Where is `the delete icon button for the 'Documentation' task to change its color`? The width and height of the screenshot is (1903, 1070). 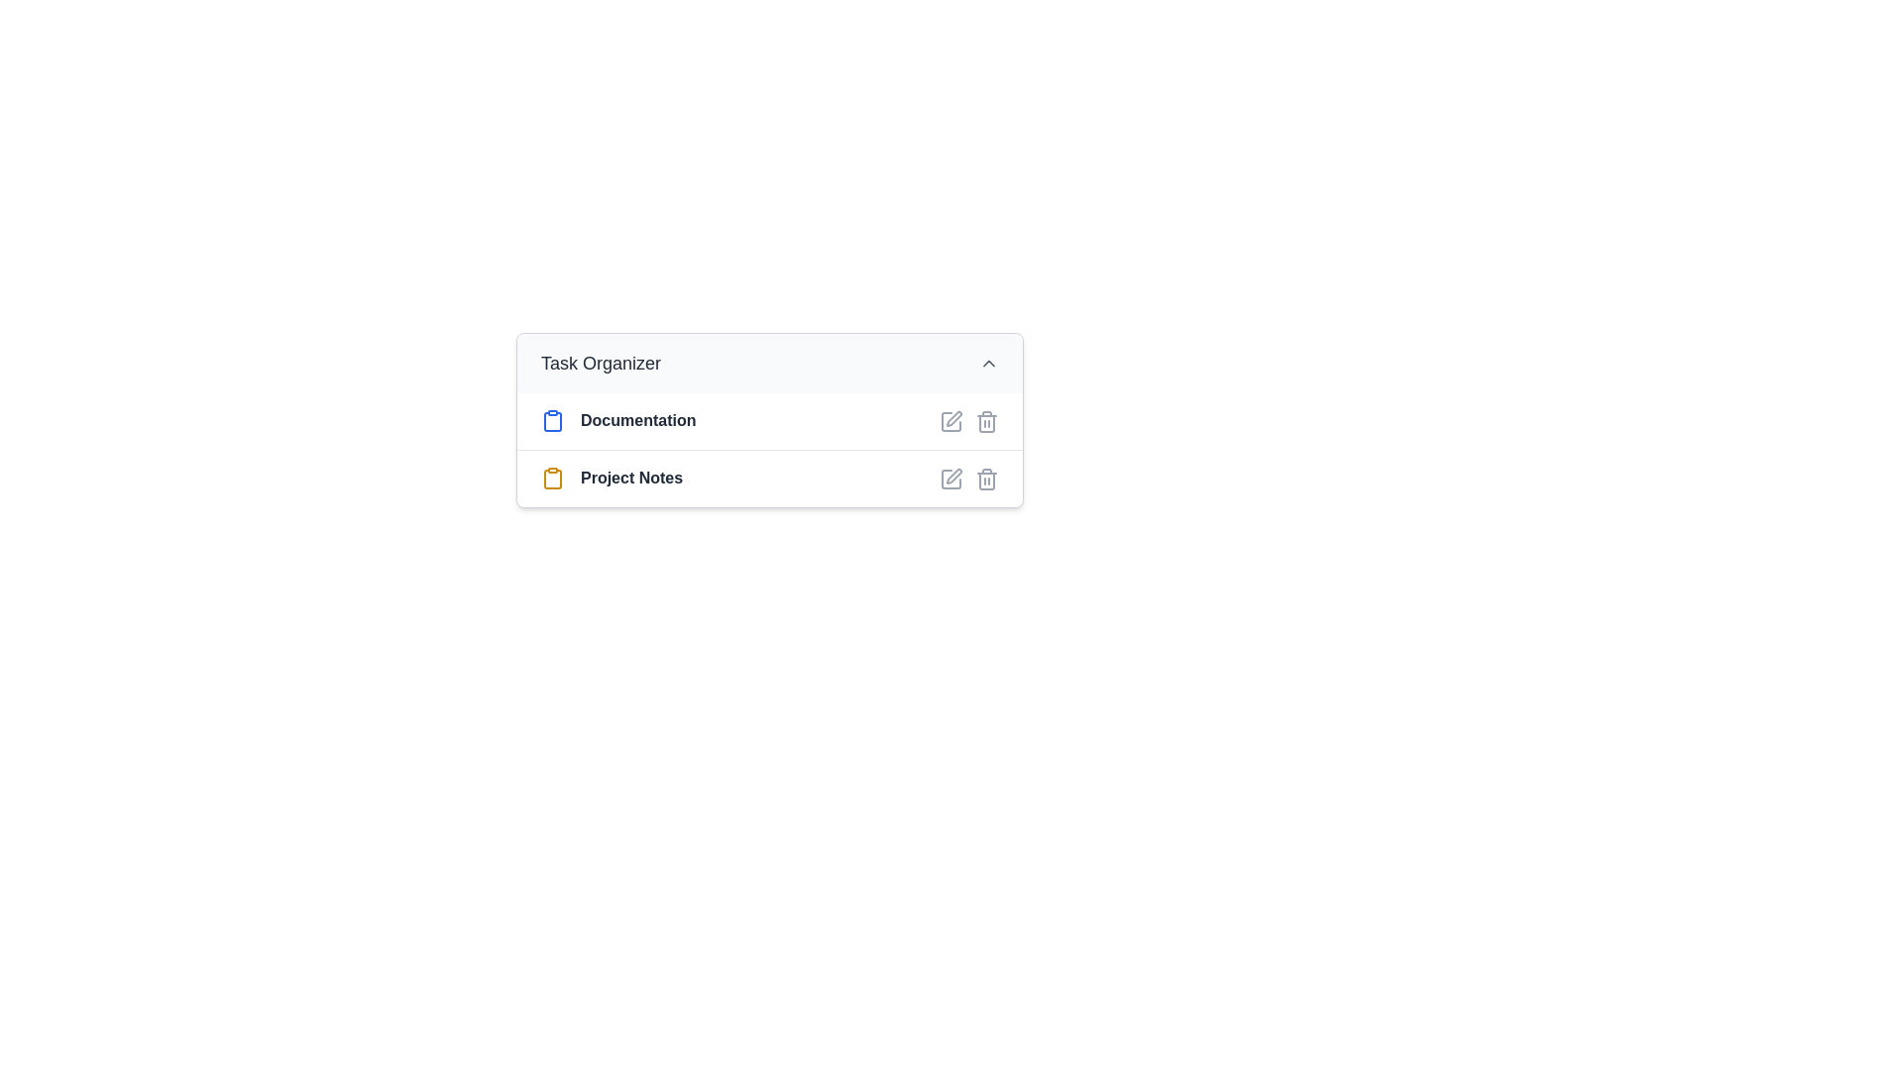
the delete icon button for the 'Documentation' task to change its color is located at coordinates (987, 419).